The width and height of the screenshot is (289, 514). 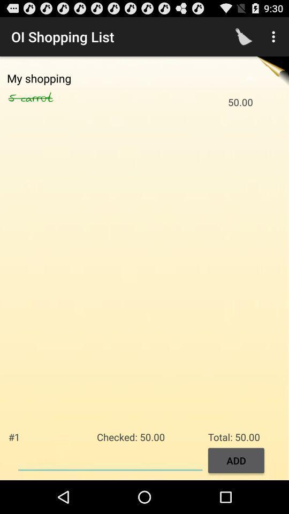 What do you see at coordinates (48, 98) in the screenshot?
I see `item below the my shopping app` at bounding box center [48, 98].